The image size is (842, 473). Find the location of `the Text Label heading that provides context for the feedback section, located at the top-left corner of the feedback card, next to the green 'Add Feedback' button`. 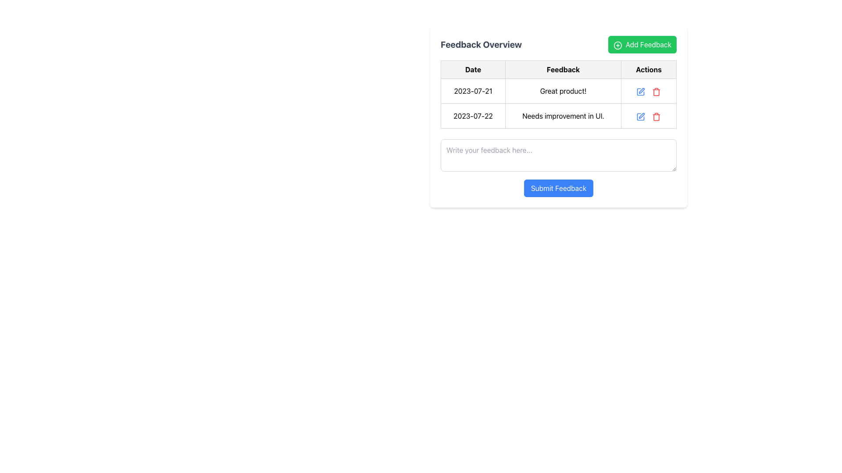

the Text Label heading that provides context for the feedback section, located at the top-left corner of the feedback card, next to the green 'Add Feedback' button is located at coordinates (481, 44).